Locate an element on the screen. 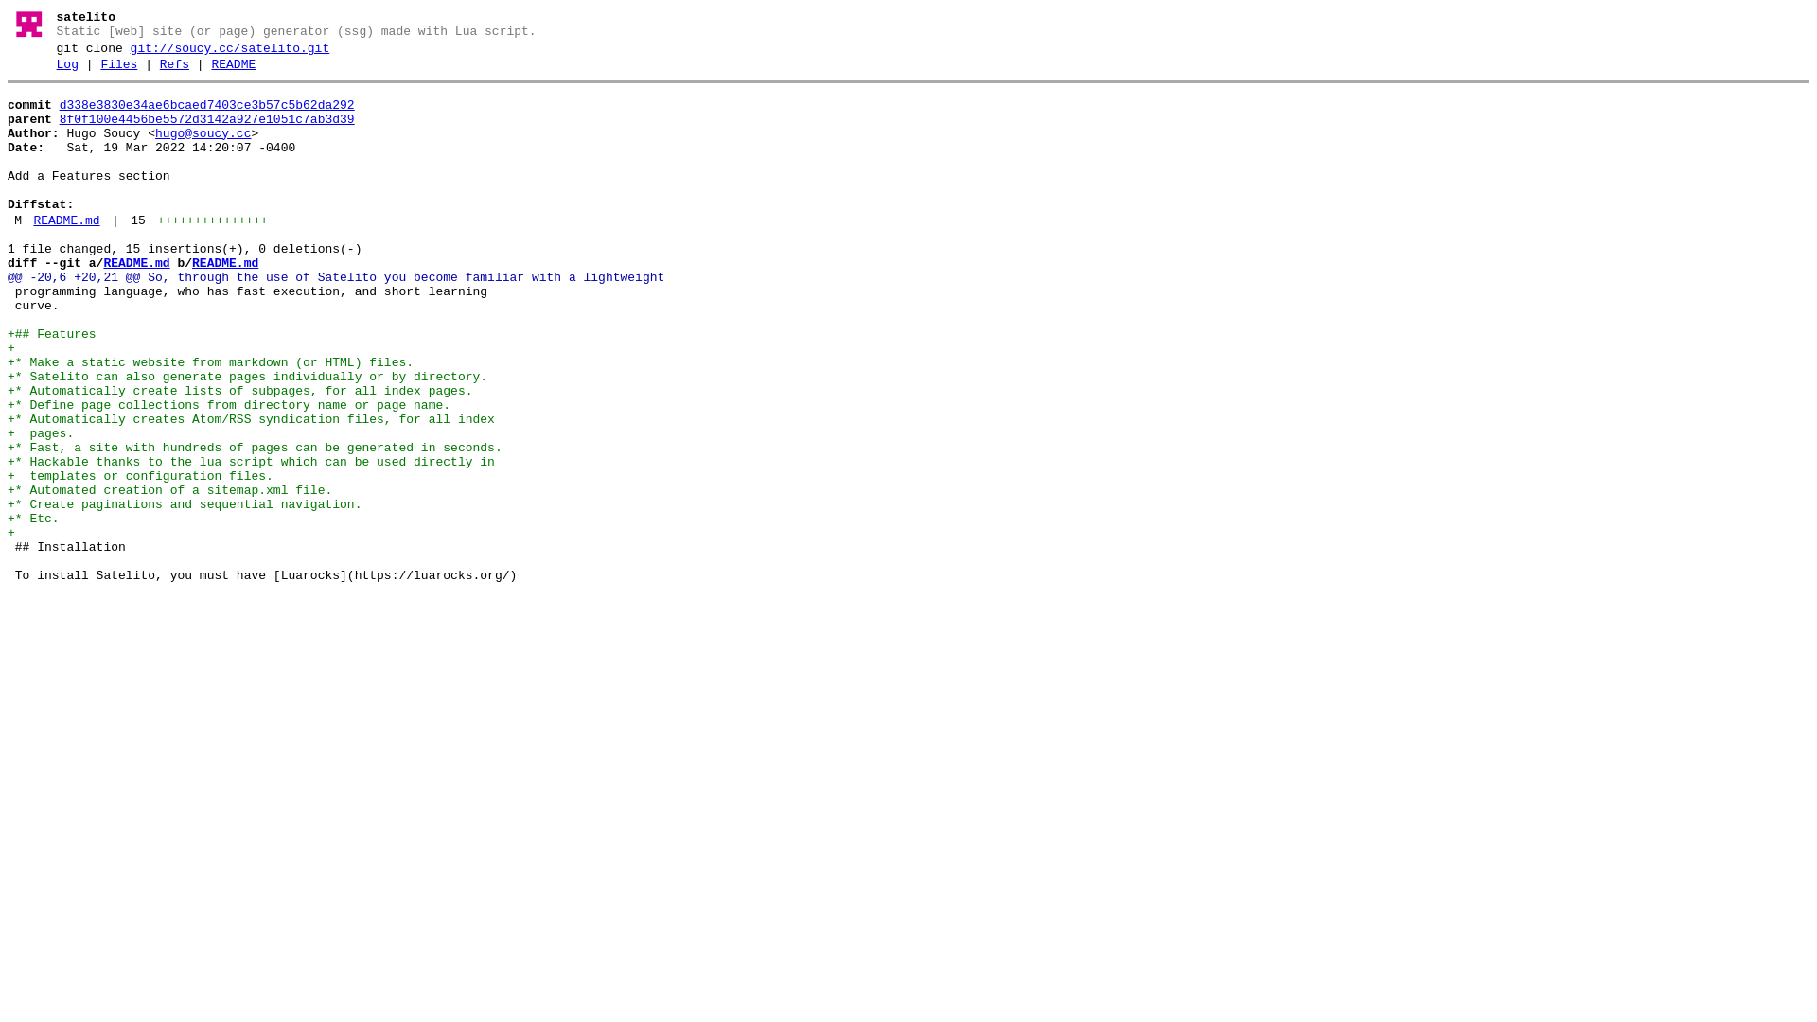 The height and width of the screenshot is (1022, 1817). '+  templates or configuration files.' is located at coordinates (139, 475).